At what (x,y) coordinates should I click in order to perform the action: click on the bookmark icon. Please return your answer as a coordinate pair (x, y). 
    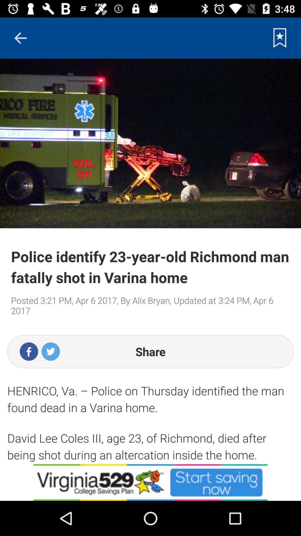
    Looking at the image, I should click on (280, 38).